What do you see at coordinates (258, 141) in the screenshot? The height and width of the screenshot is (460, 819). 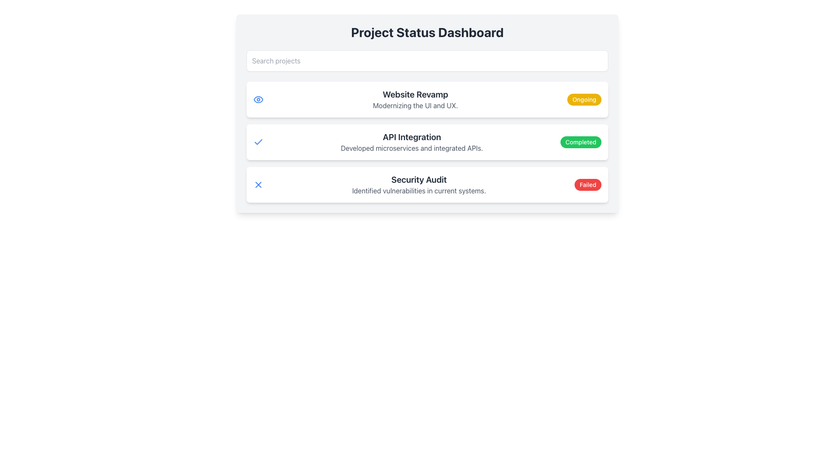 I see `the blue checkmark icon next to the 'API Integration' label in the dashboard interface` at bounding box center [258, 141].